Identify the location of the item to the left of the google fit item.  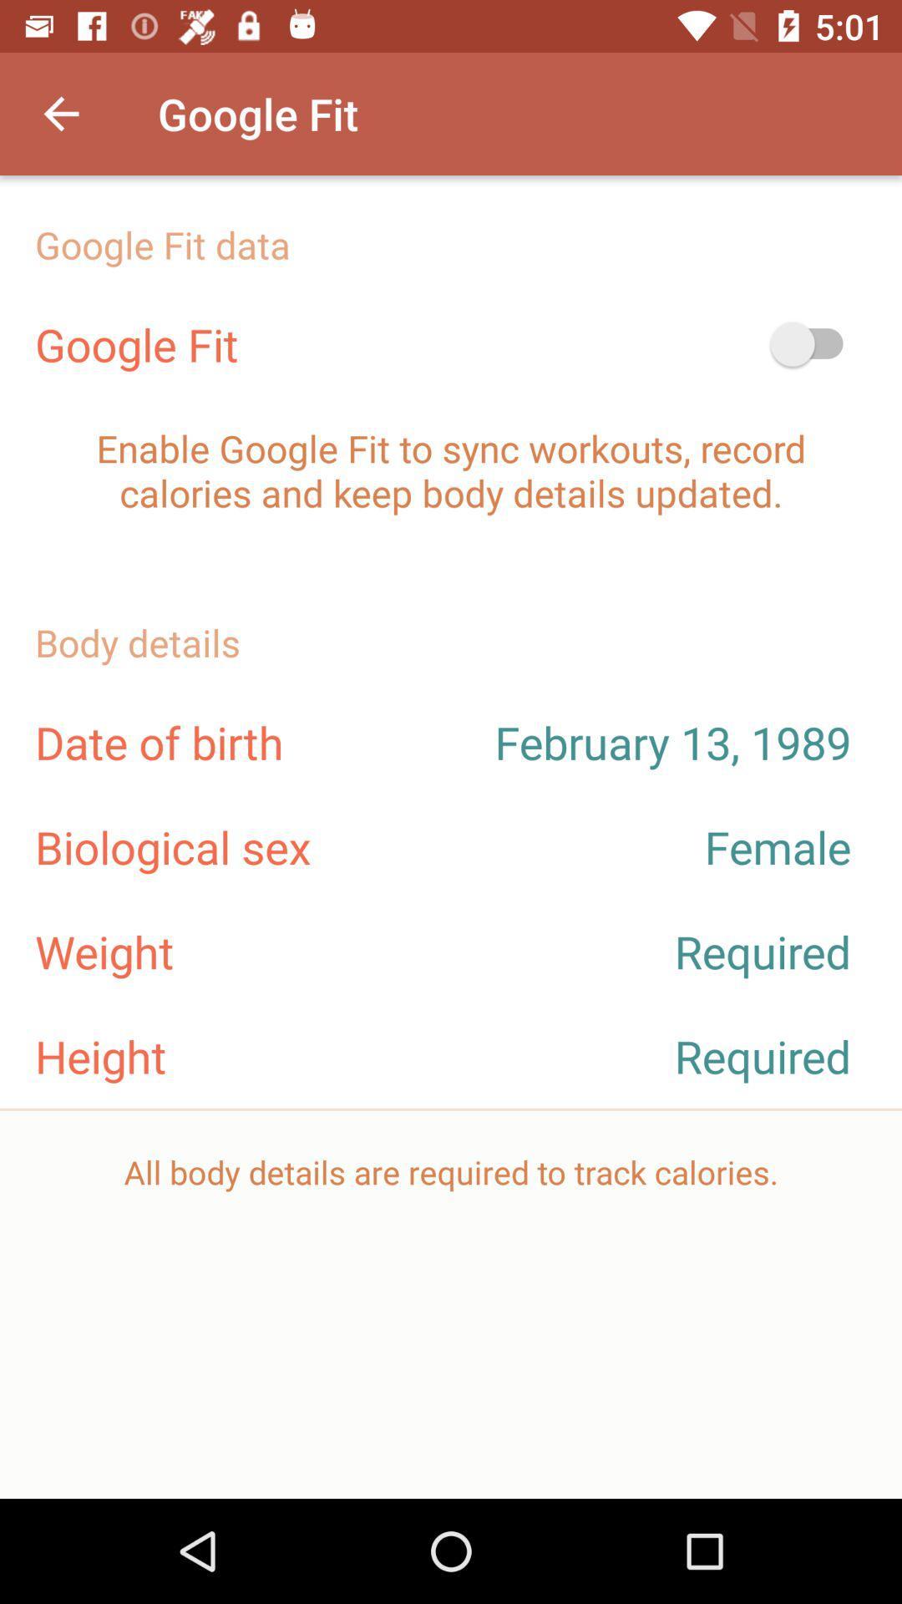
(60, 113).